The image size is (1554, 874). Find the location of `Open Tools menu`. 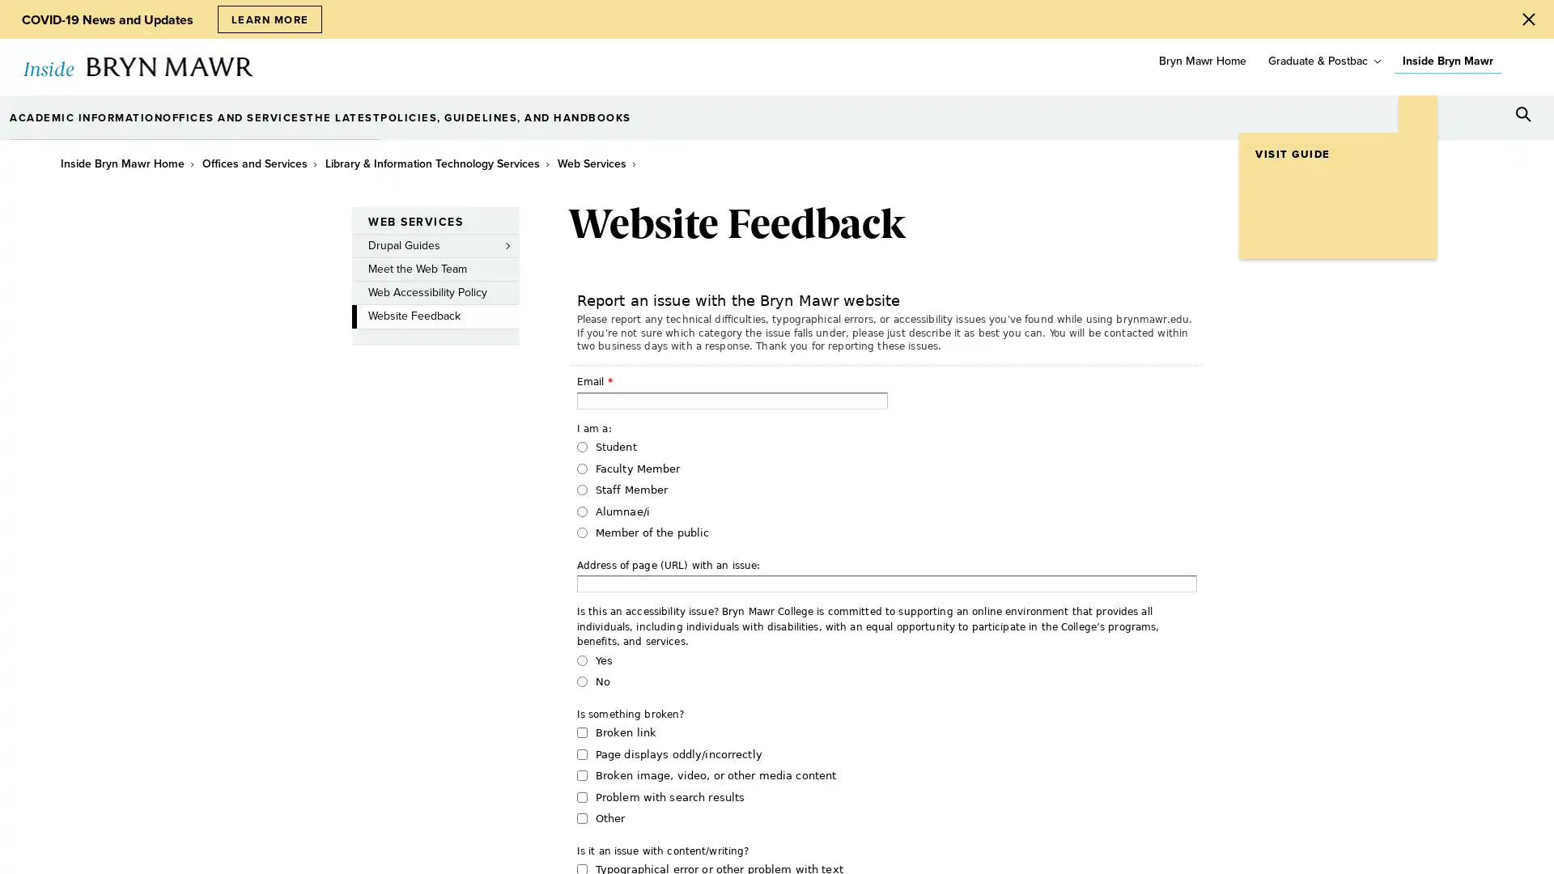

Open Tools menu is located at coordinates (1442, 112).